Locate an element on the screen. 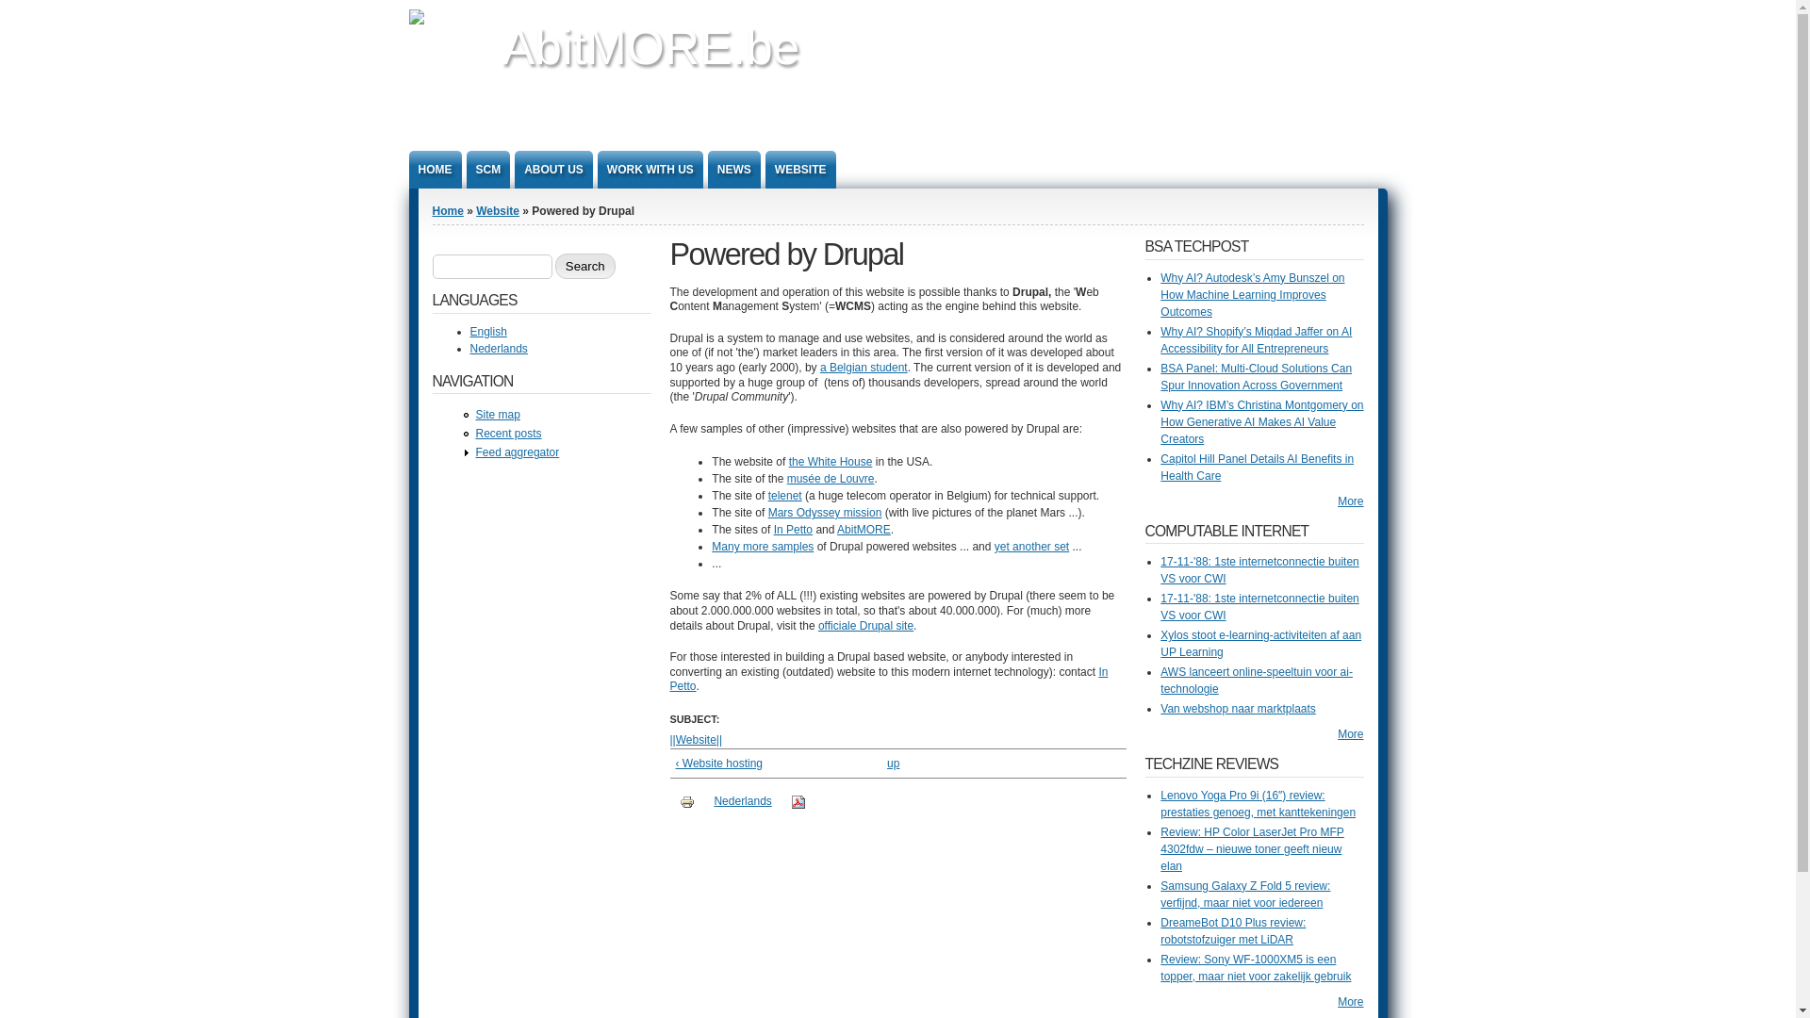 The width and height of the screenshot is (1810, 1018). 'officiale Drupal site' is located at coordinates (864, 625).